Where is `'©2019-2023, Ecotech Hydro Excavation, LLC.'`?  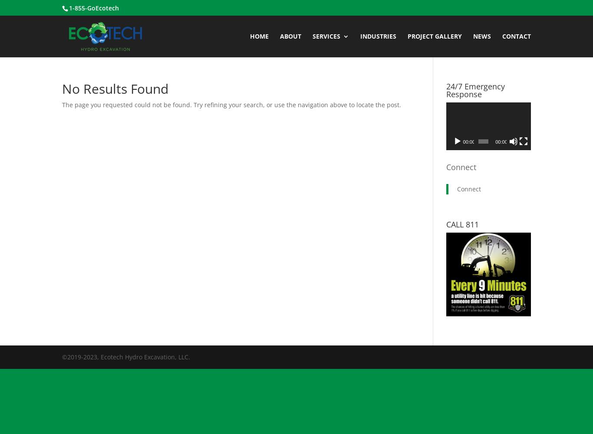 '©2019-2023, Ecotech Hydro Excavation, LLC.' is located at coordinates (126, 356).